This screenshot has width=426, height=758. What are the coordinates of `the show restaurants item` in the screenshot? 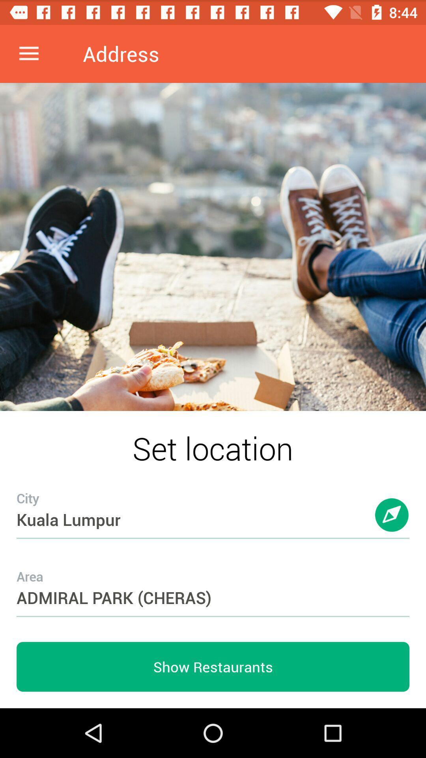 It's located at (213, 666).